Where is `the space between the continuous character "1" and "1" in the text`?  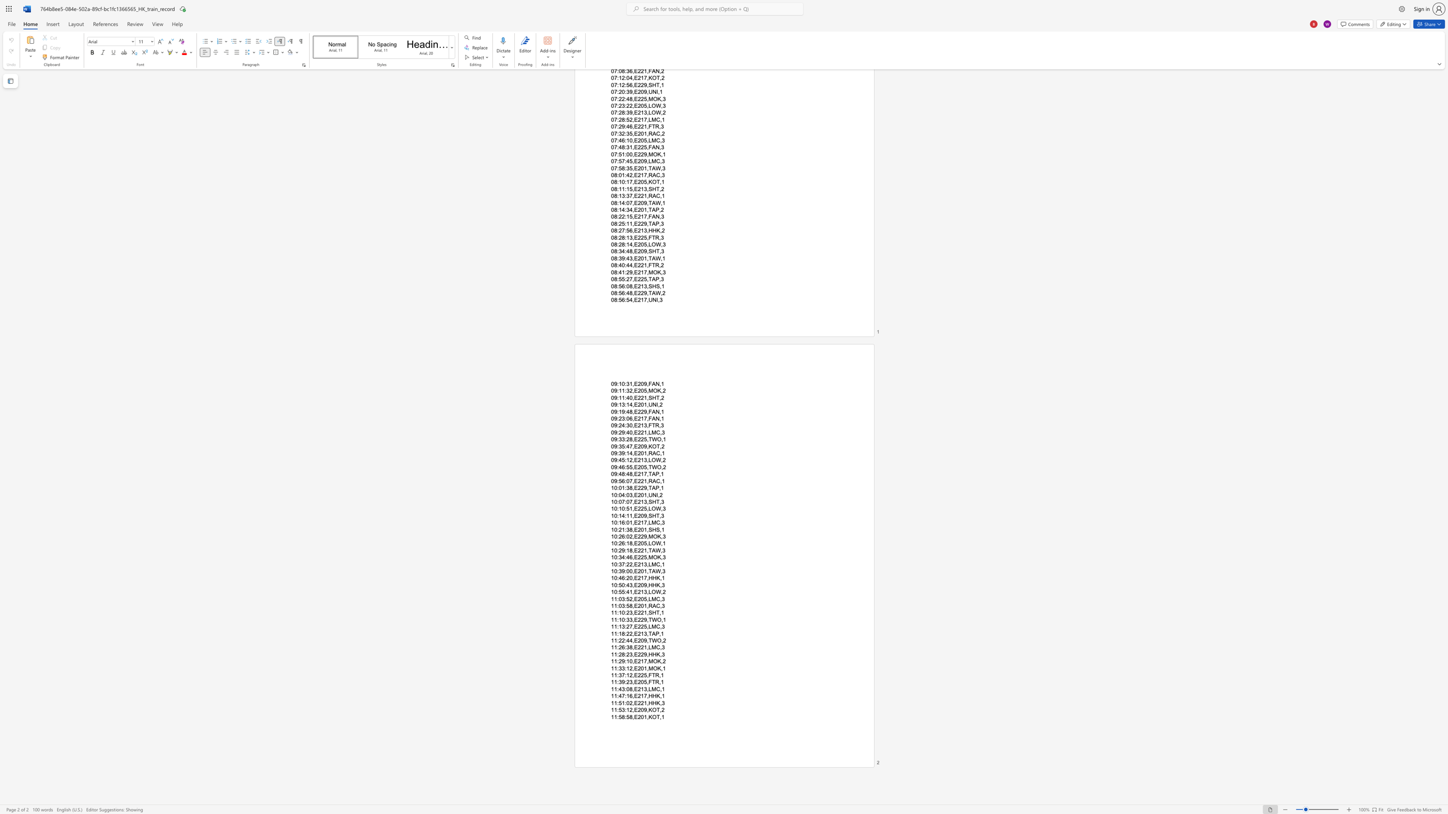 the space between the continuous character "1" and "1" in the text is located at coordinates (614, 702).